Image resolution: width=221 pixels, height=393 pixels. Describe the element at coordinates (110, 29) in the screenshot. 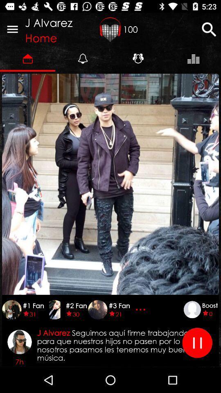

I see `icon next to the 100 item` at that location.